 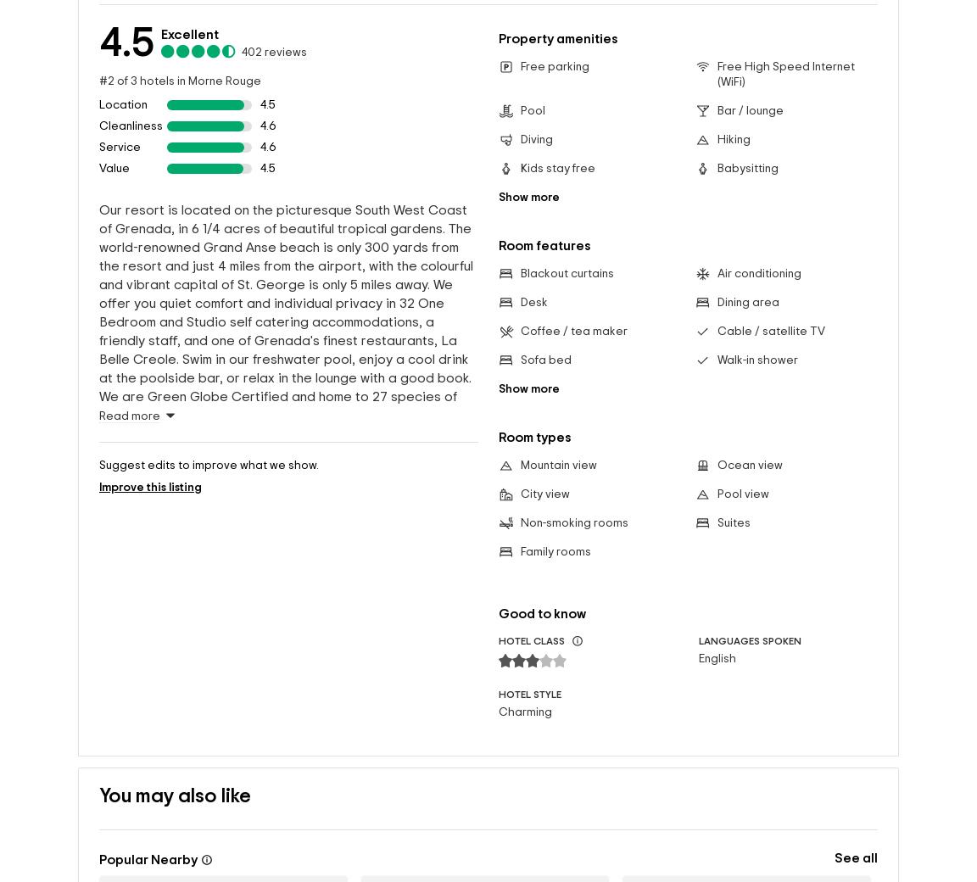 What do you see at coordinates (98, 796) in the screenshot?
I see `'You may also like'` at bounding box center [98, 796].